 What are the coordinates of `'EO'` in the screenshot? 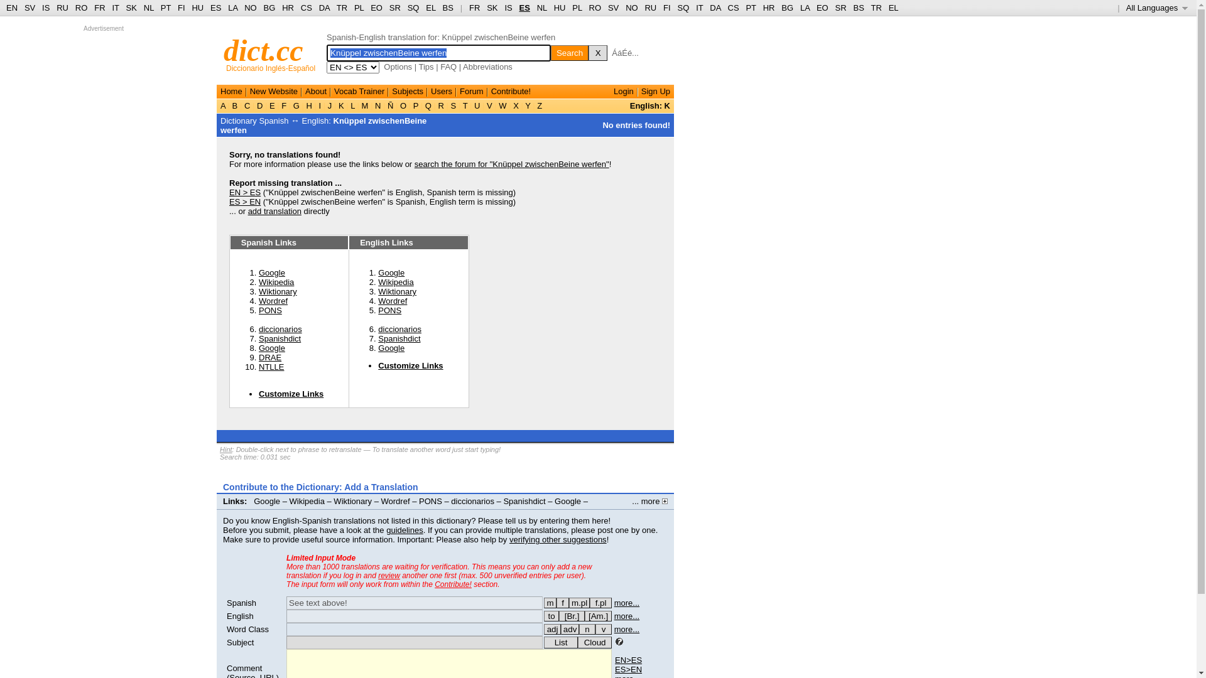 It's located at (376, 8).